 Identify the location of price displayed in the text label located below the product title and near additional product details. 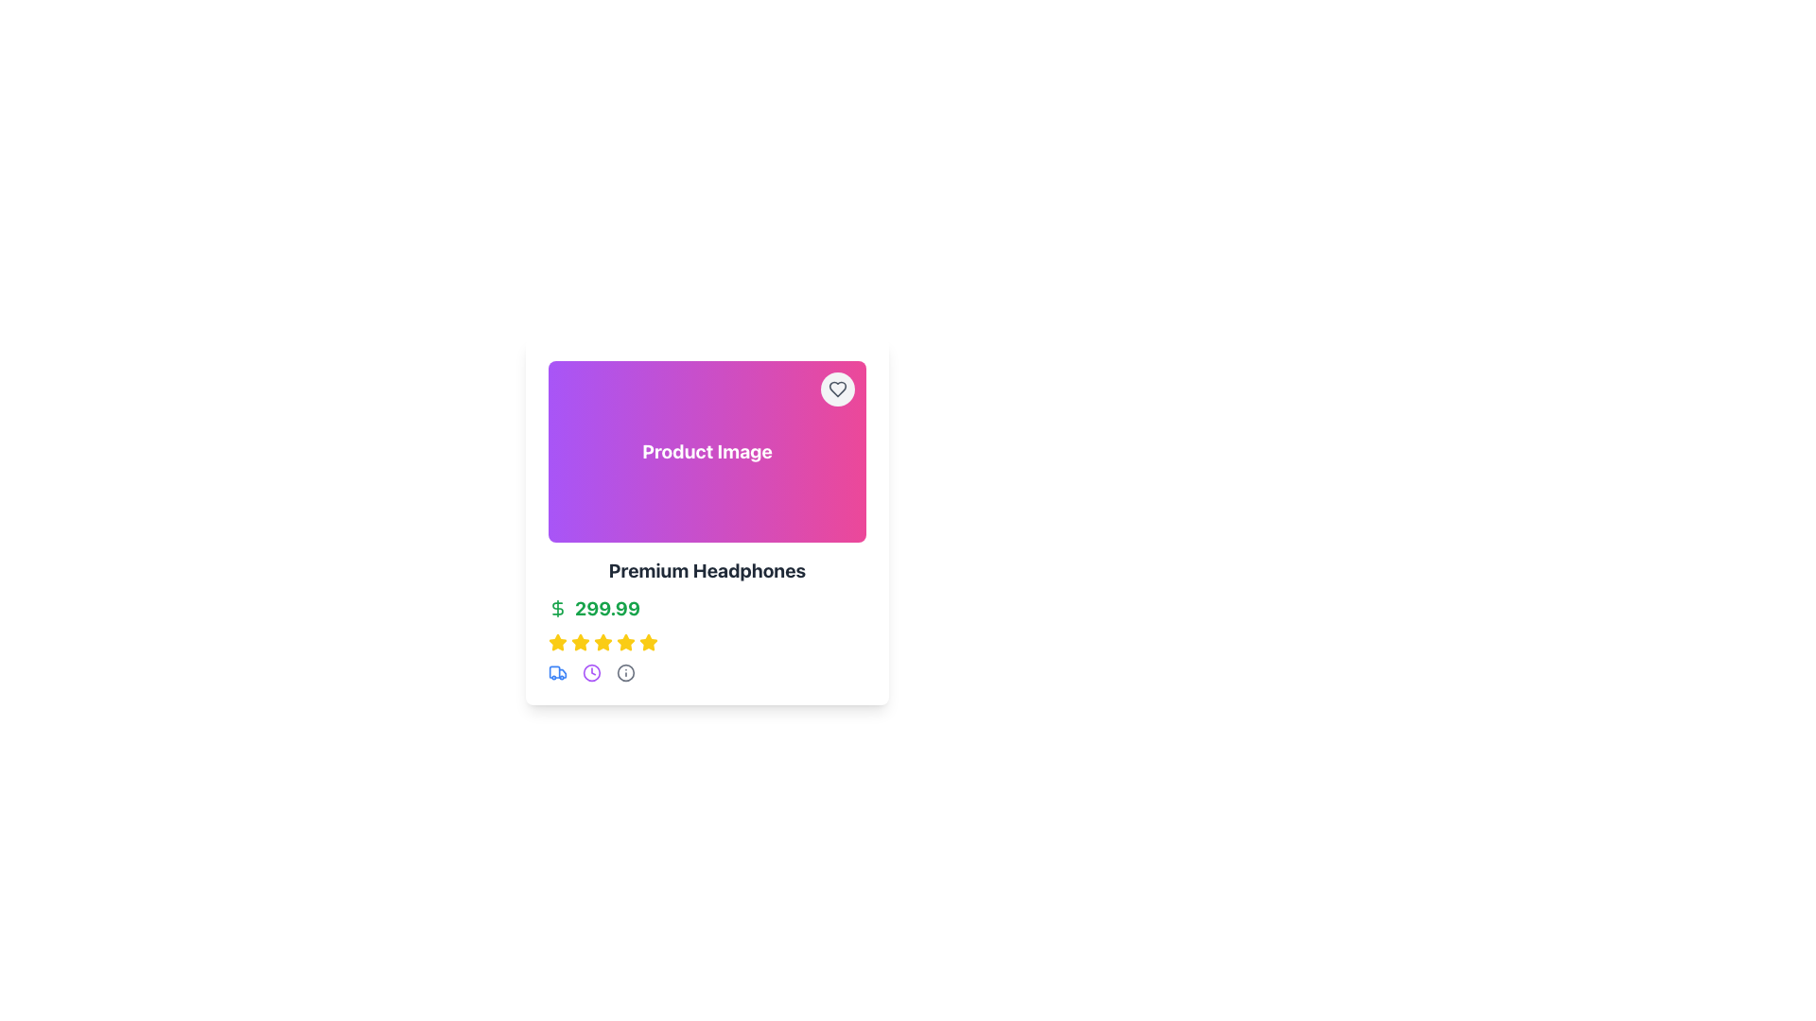
(607, 609).